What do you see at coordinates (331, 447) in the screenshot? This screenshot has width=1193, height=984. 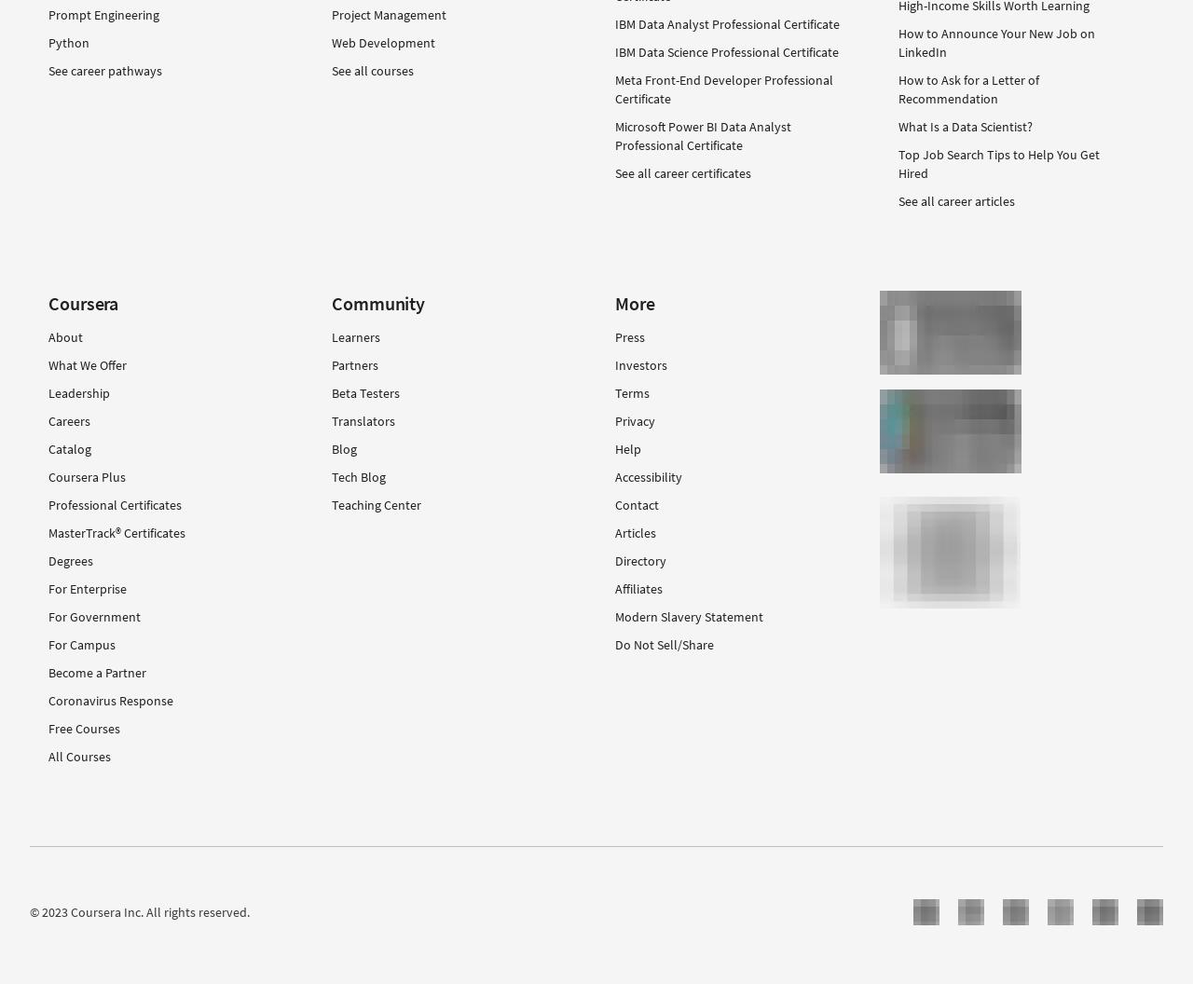 I see `'Blog'` at bounding box center [331, 447].